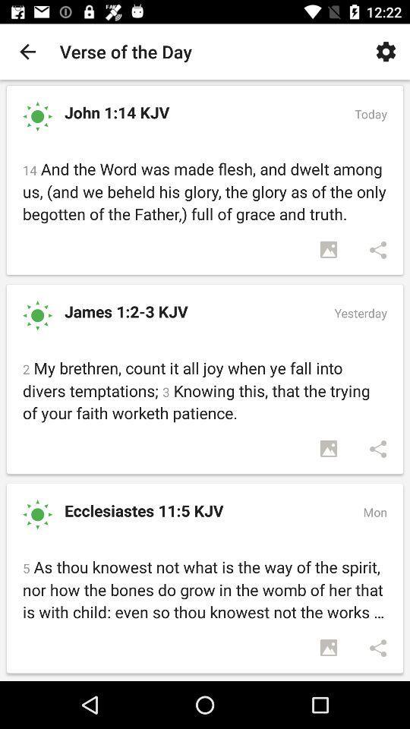 This screenshot has height=729, width=410. What do you see at coordinates (27, 52) in the screenshot?
I see `icon to the left of the verse of the icon` at bounding box center [27, 52].